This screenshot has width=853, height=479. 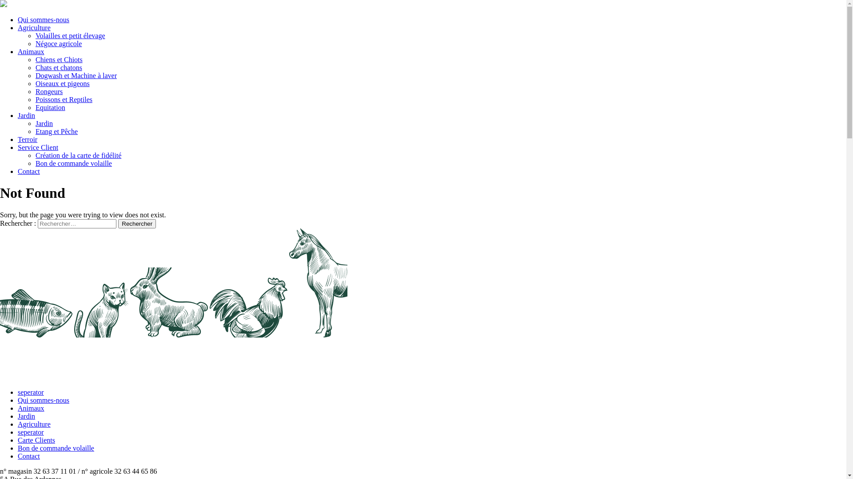 I want to click on 'Carte Clients', so click(x=36, y=440).